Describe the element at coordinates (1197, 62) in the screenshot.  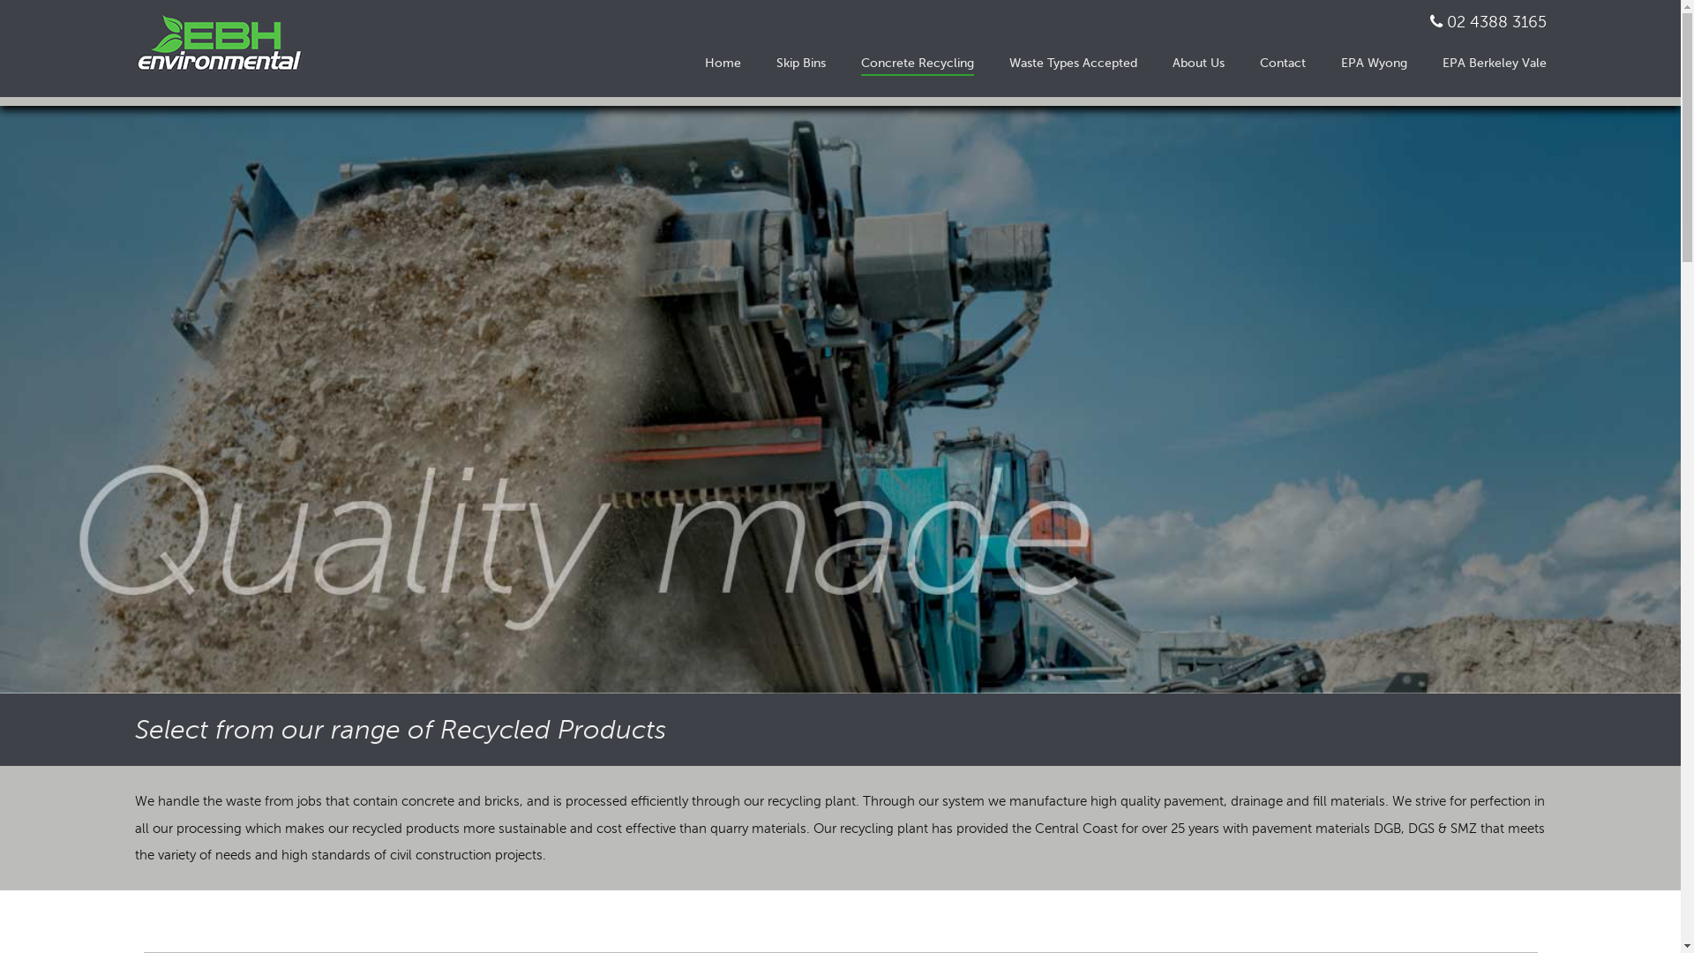
I see `'About Us'` at that location.